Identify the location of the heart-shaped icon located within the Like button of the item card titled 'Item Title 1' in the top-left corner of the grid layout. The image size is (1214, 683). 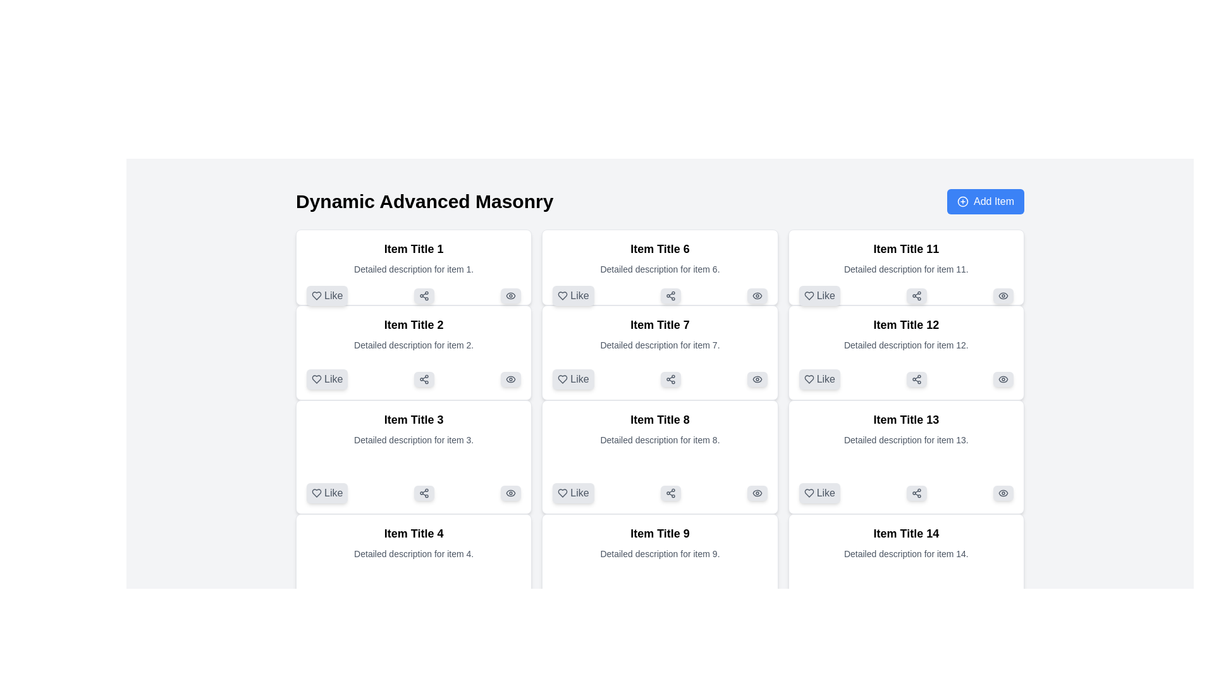
(316, 295).